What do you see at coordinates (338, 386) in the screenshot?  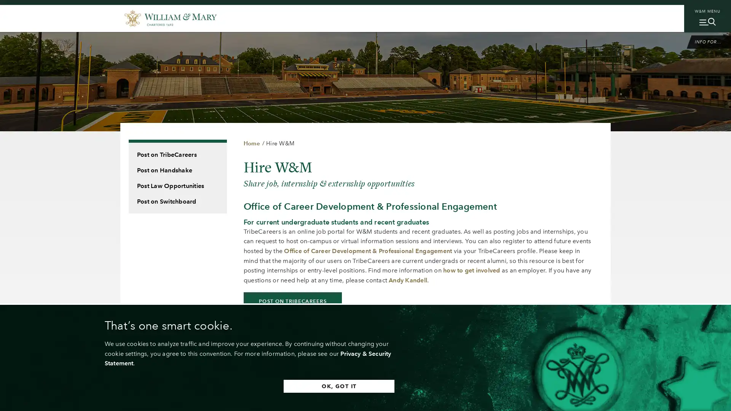 I see `OK, GOT IT` at bounding box center [338, 386].